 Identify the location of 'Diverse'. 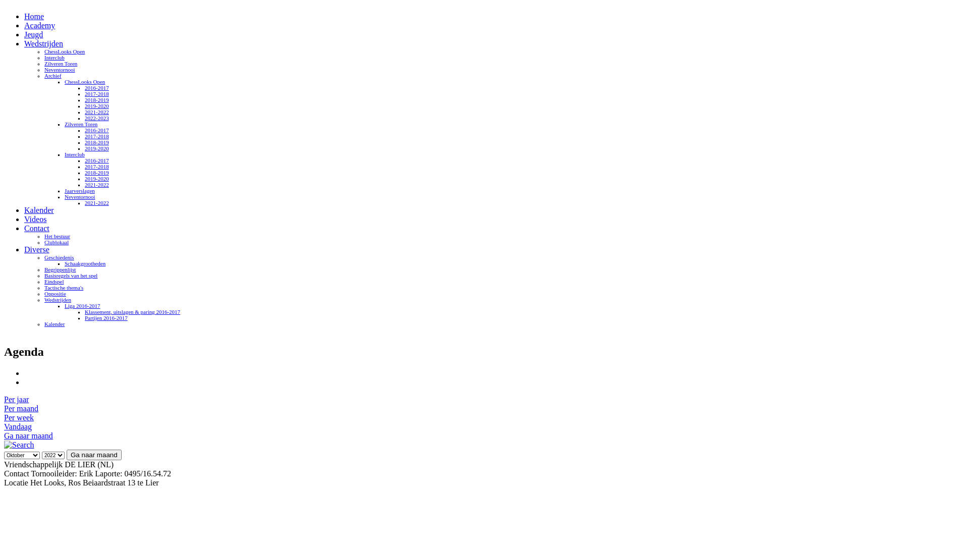
(36, 249).